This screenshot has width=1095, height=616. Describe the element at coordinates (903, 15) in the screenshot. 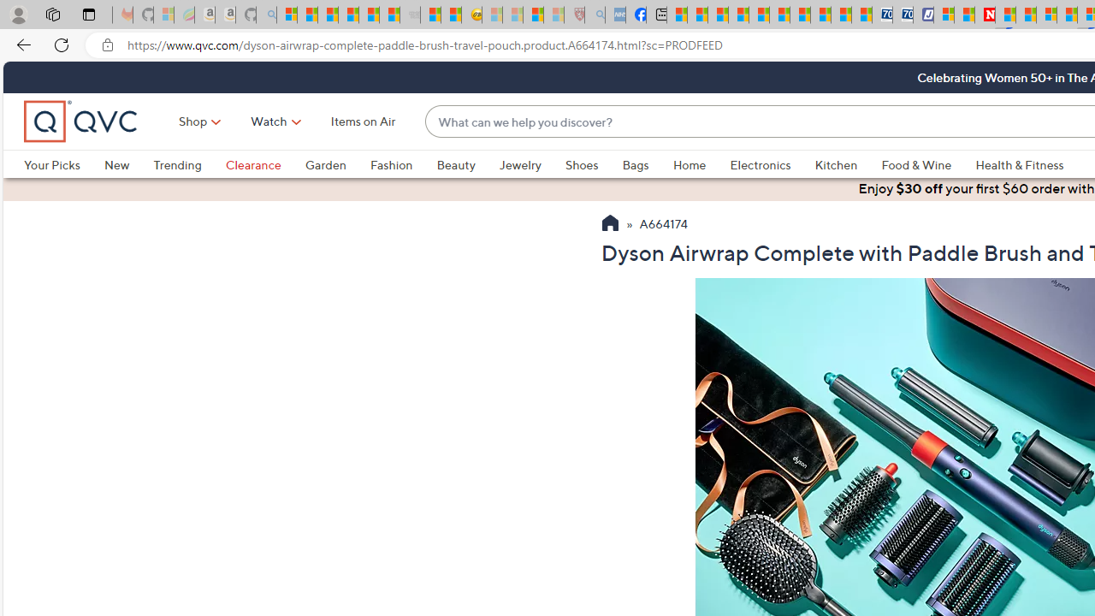

I see `'Cheap Hotels - Save70.com'` at that location.